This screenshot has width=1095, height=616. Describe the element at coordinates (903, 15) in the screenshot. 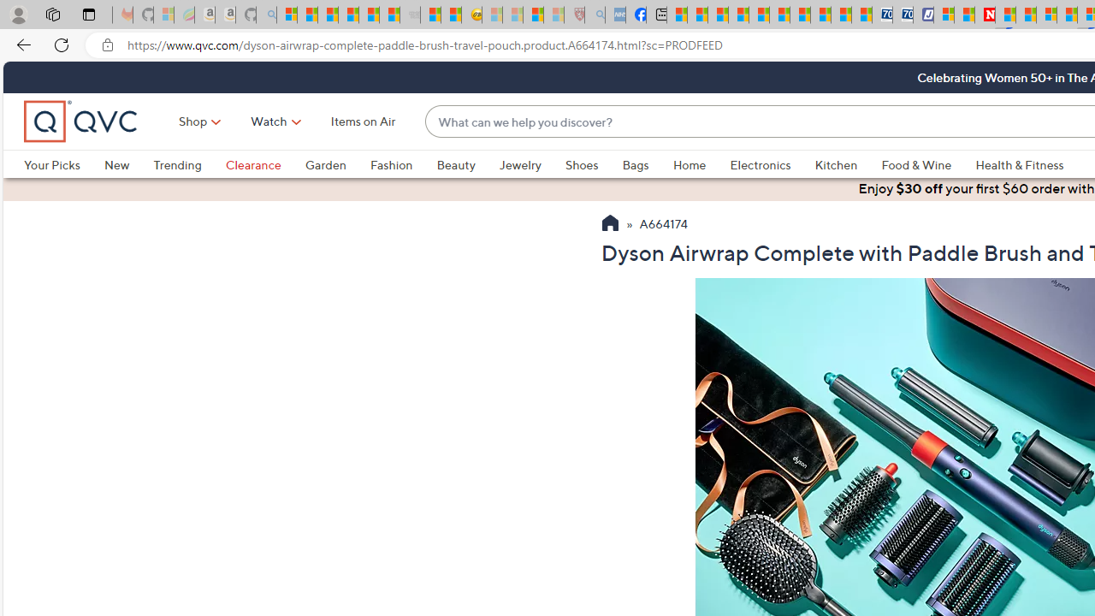

I see `'Cheap Hotels - Save70.com'` at that location.